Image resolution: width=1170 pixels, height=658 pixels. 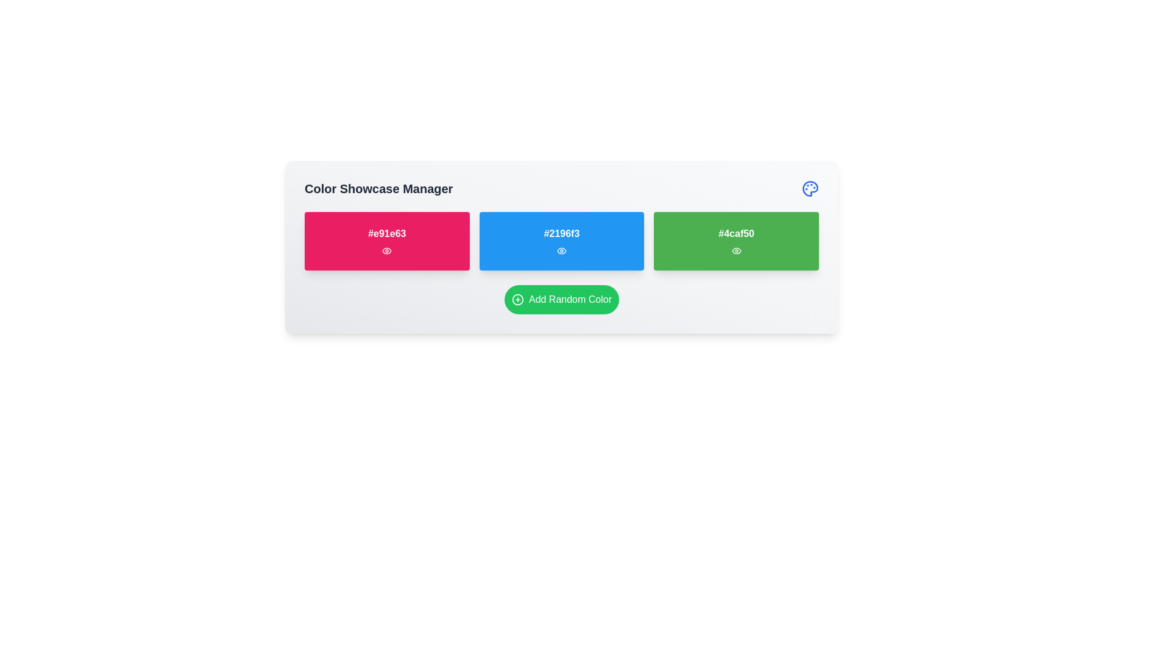 I want to click on the rounded green button labeled 'Add Random Color' with a white 'plus' icon, so click(x=561, y=300).